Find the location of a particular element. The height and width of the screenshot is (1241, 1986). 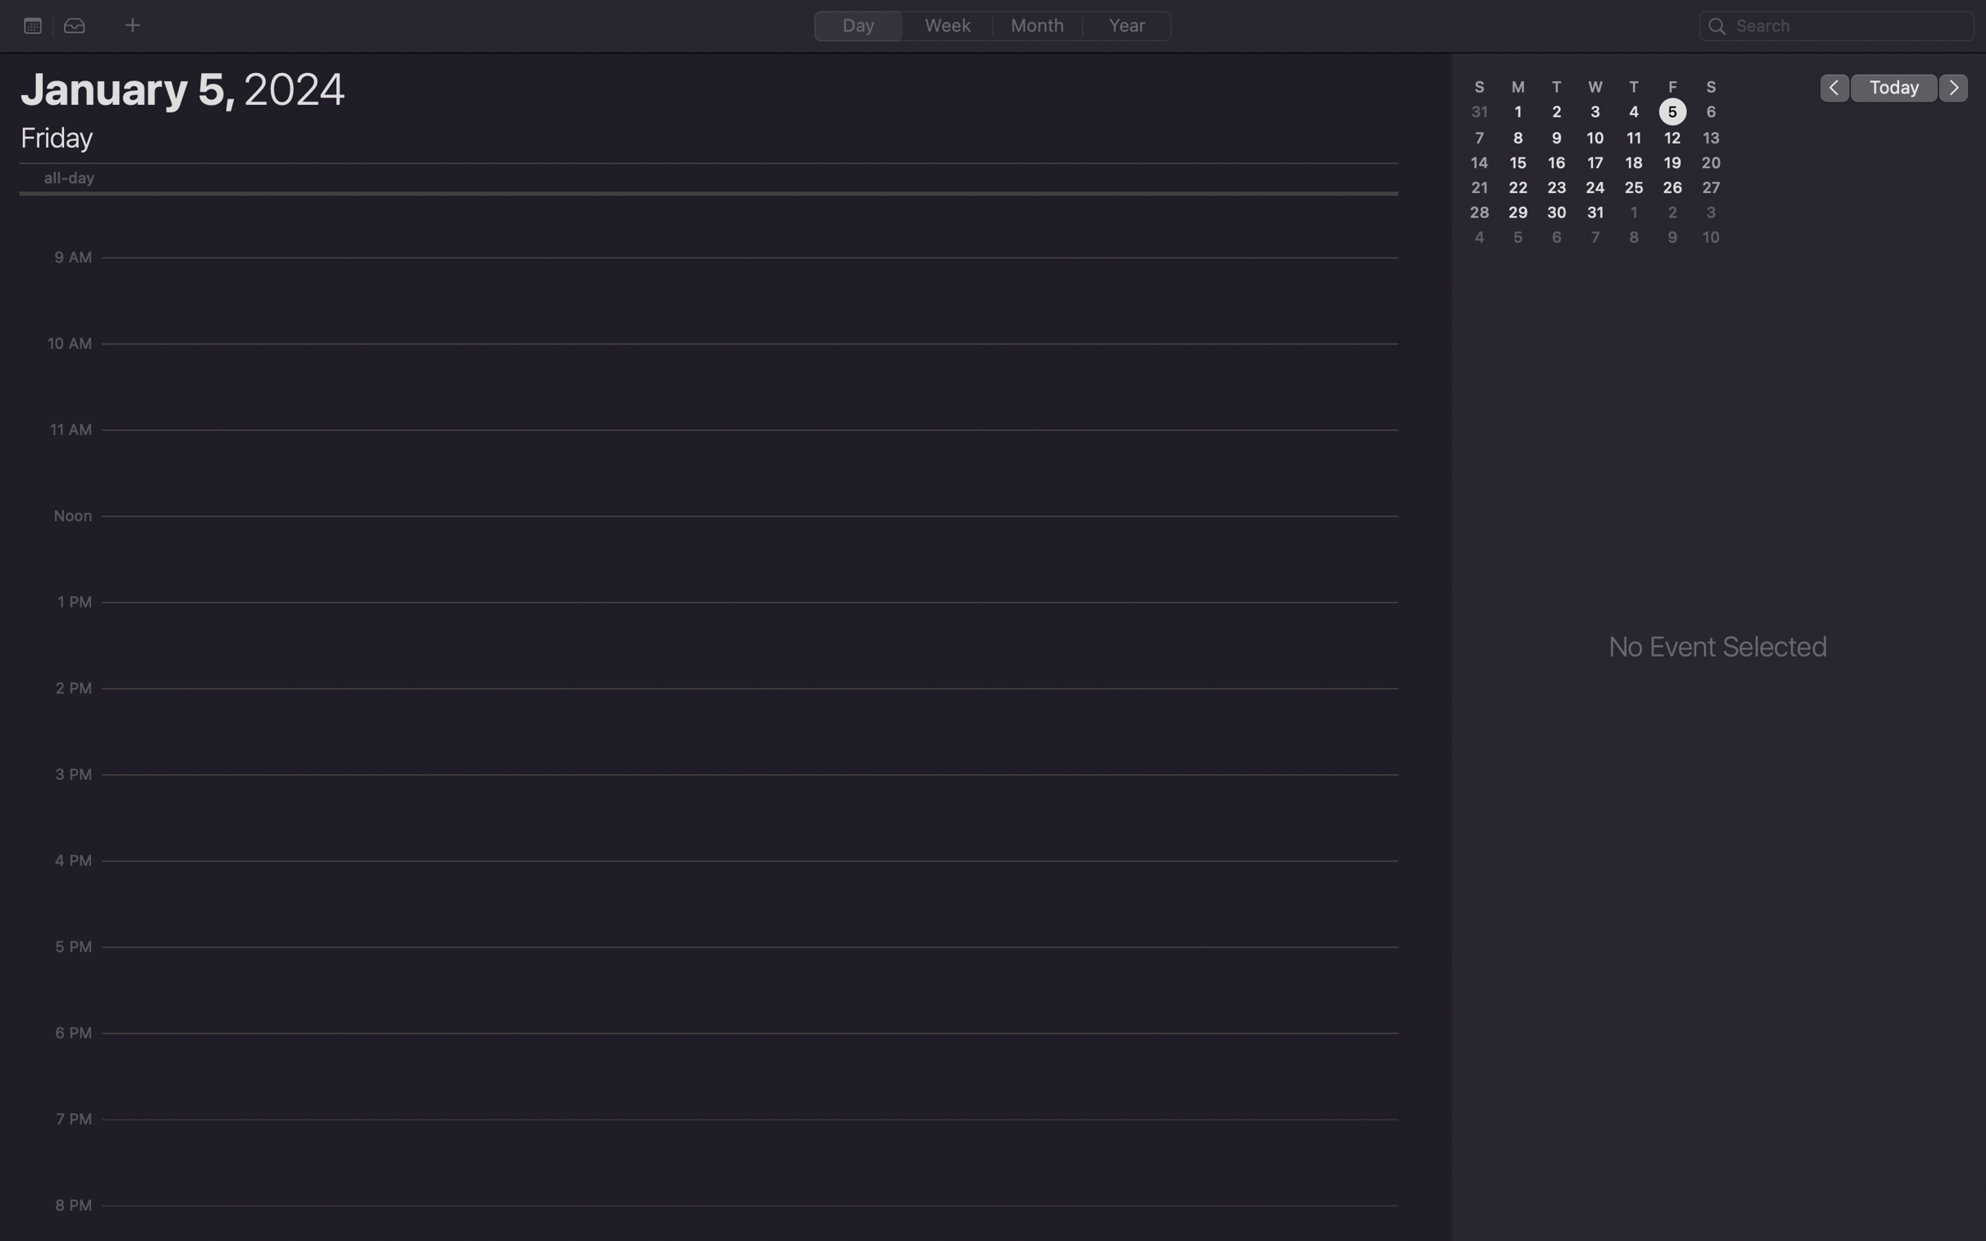

the options menu is located at coordinates (32, 25).